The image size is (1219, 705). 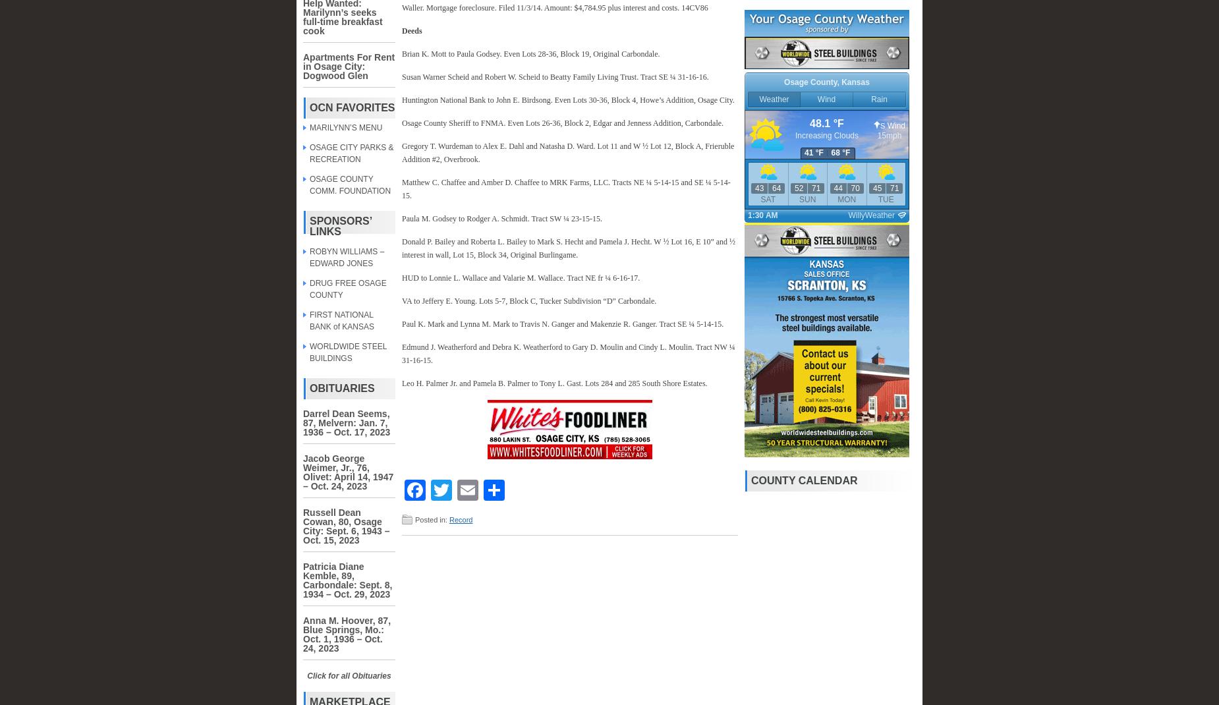 What do you see at coordinates (310, 153) in the screenshot?
I see `'OSAGE CITY PARKS & RECREATION'` at bounding box center [310, 153].